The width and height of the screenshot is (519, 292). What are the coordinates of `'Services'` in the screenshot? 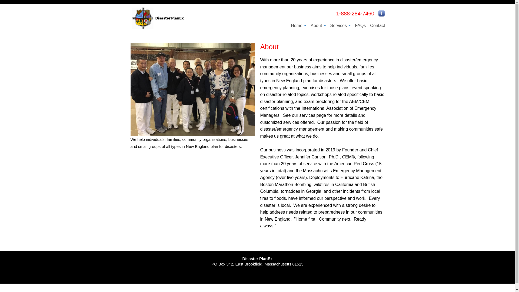 It's located at (340, 25).